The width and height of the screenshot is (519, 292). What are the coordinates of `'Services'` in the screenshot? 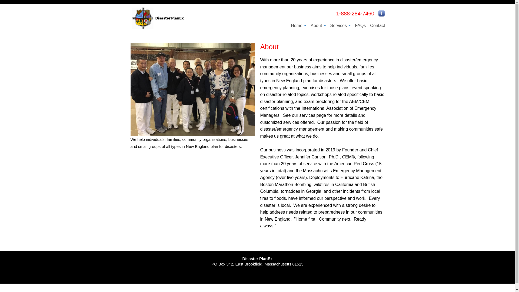 It's located at (340, 25).